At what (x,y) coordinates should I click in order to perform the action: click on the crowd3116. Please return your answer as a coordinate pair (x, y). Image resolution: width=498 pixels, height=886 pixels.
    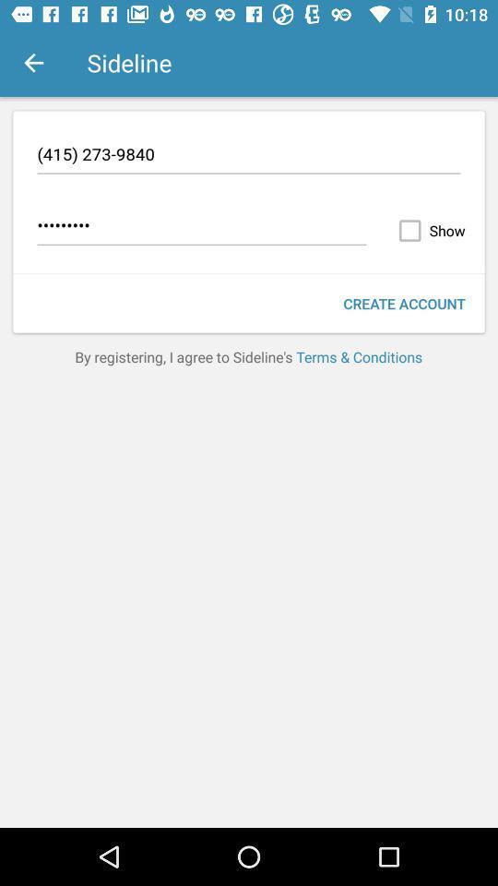
    Looking at the image, I should click on (201, 227).